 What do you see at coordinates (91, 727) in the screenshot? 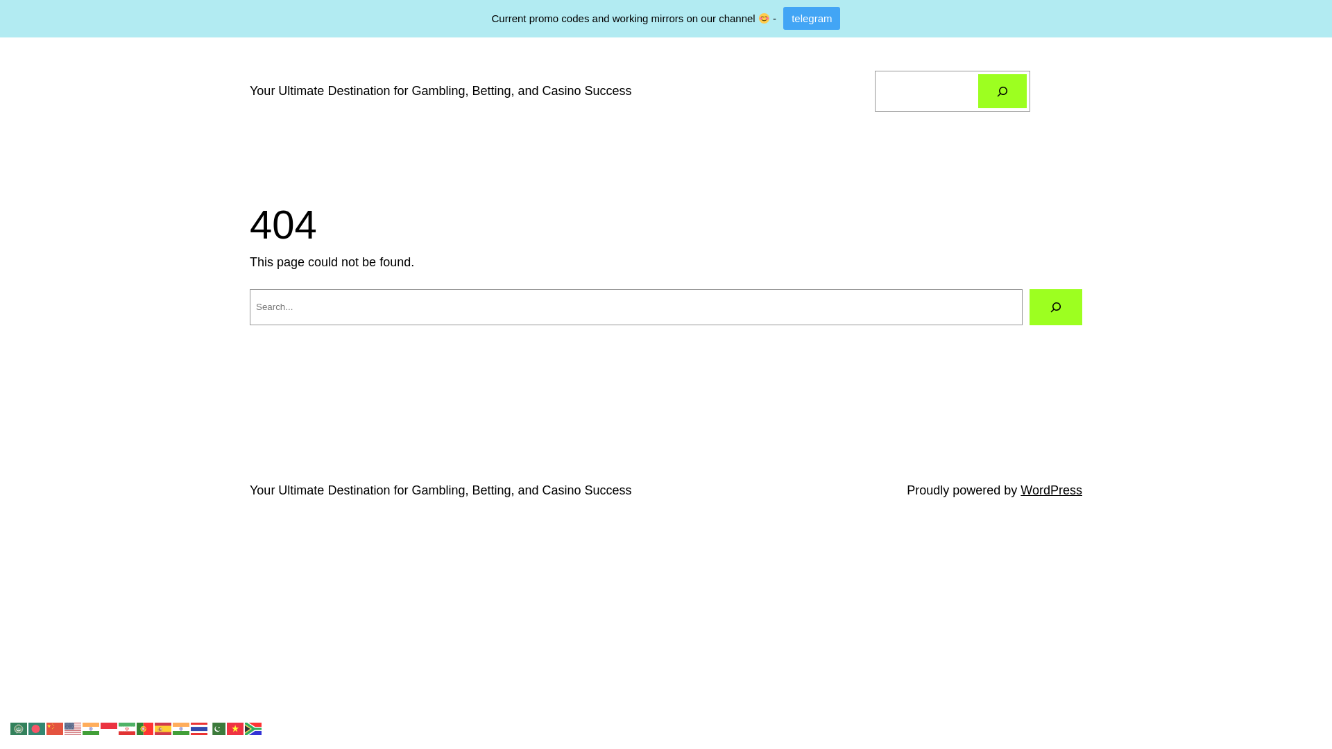
I see `'Hindi'` at bounding box center [91, 727].